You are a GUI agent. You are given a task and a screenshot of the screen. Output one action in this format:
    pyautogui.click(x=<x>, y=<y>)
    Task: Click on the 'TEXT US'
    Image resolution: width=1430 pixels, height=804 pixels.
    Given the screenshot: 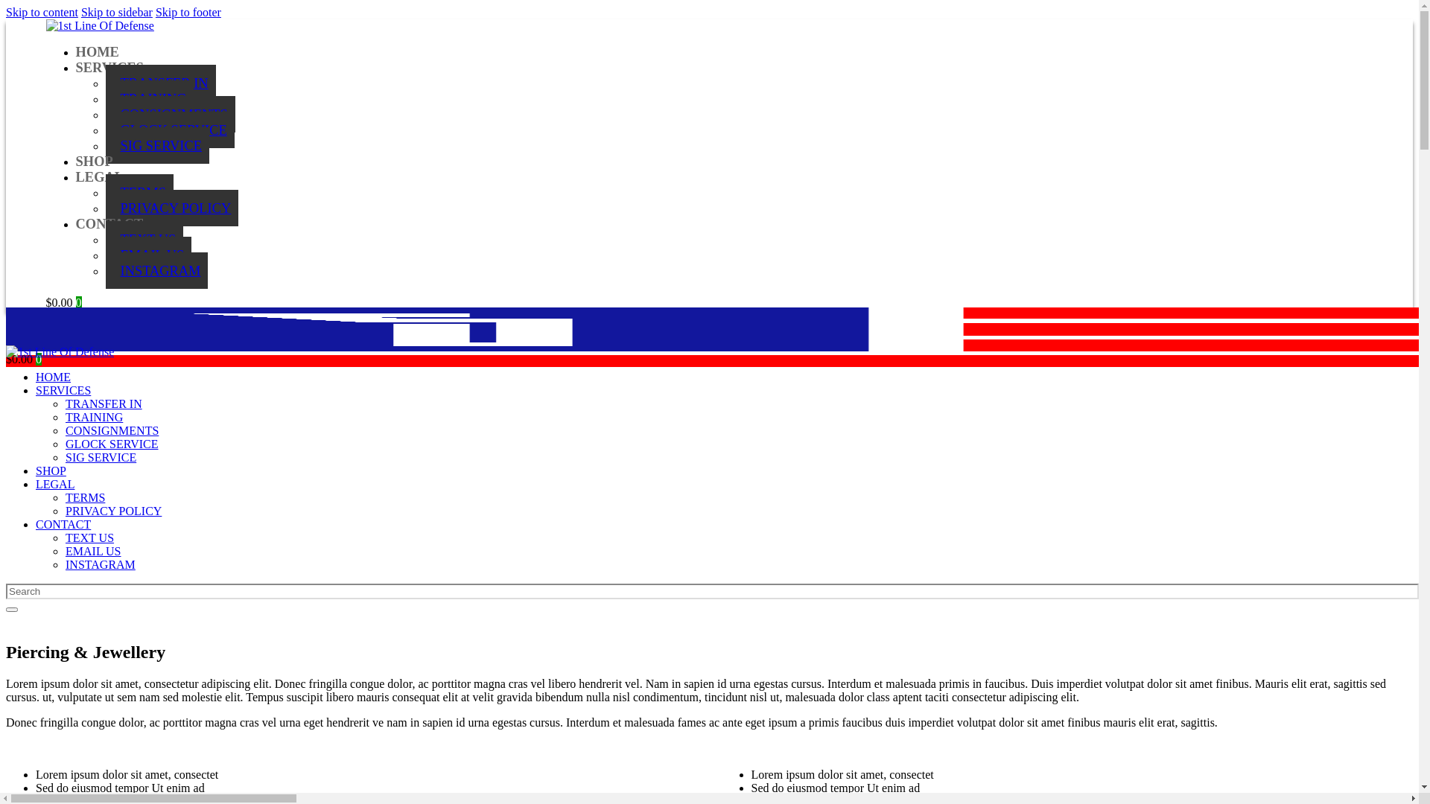 What is the action you would take?
    pyautogui.click(x=144, y=238)
    